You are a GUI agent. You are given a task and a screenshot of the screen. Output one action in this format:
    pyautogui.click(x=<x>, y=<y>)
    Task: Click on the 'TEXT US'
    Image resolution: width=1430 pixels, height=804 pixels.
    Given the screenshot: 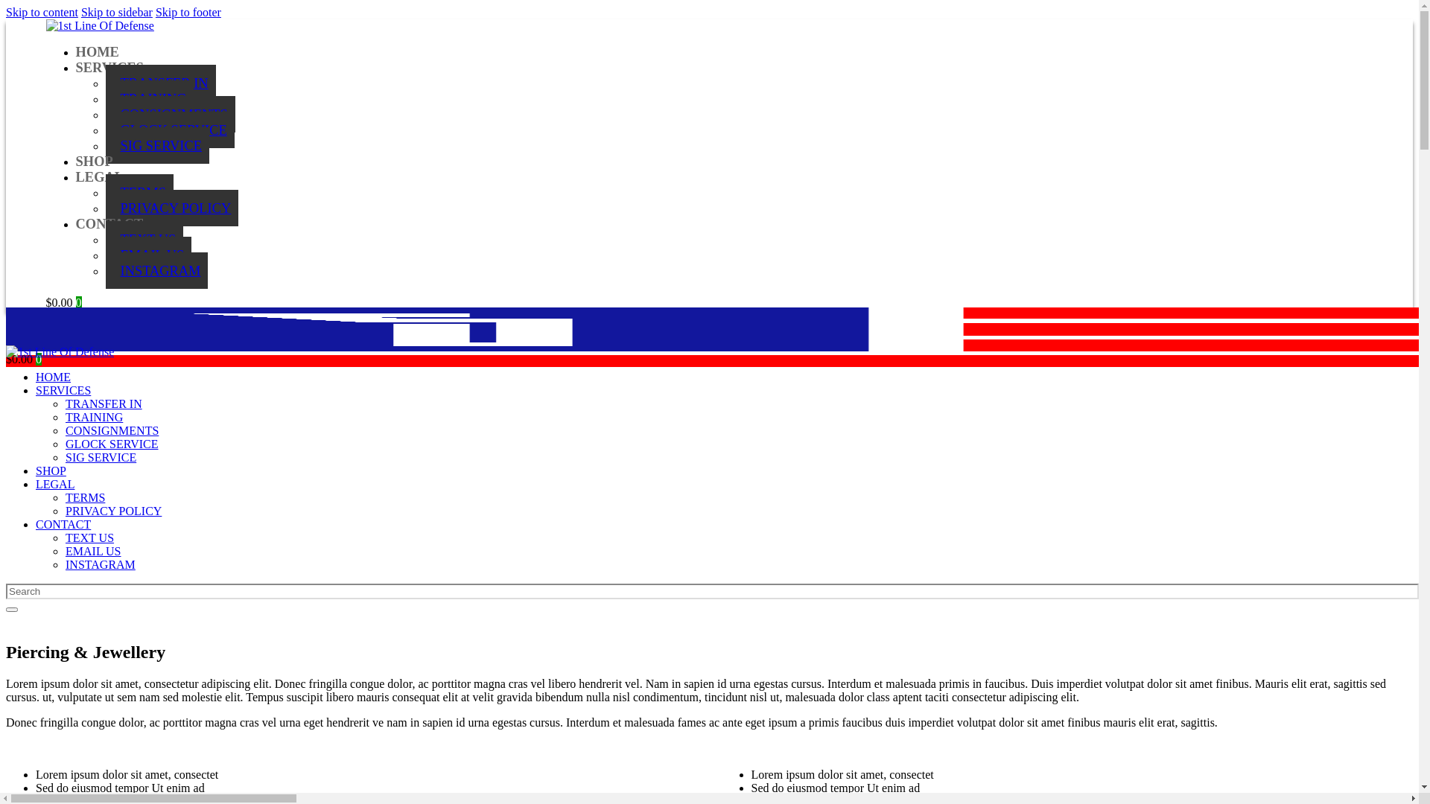 What is the action you would take?
    pyautogui.click(x=144, y=238)
    